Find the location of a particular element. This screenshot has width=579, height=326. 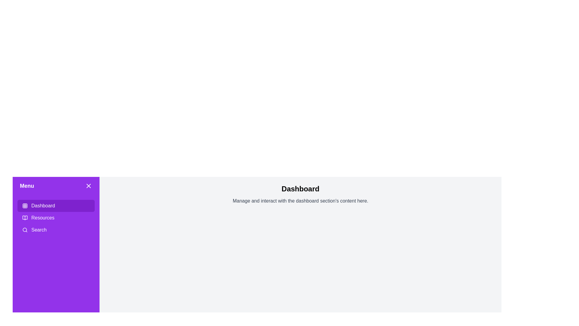

the close or dismiss icon with an 'X' shape located in the top-right corner of the purple sidebar to trigger a tooltip or highlight effect is located at coordinates (88, 186).